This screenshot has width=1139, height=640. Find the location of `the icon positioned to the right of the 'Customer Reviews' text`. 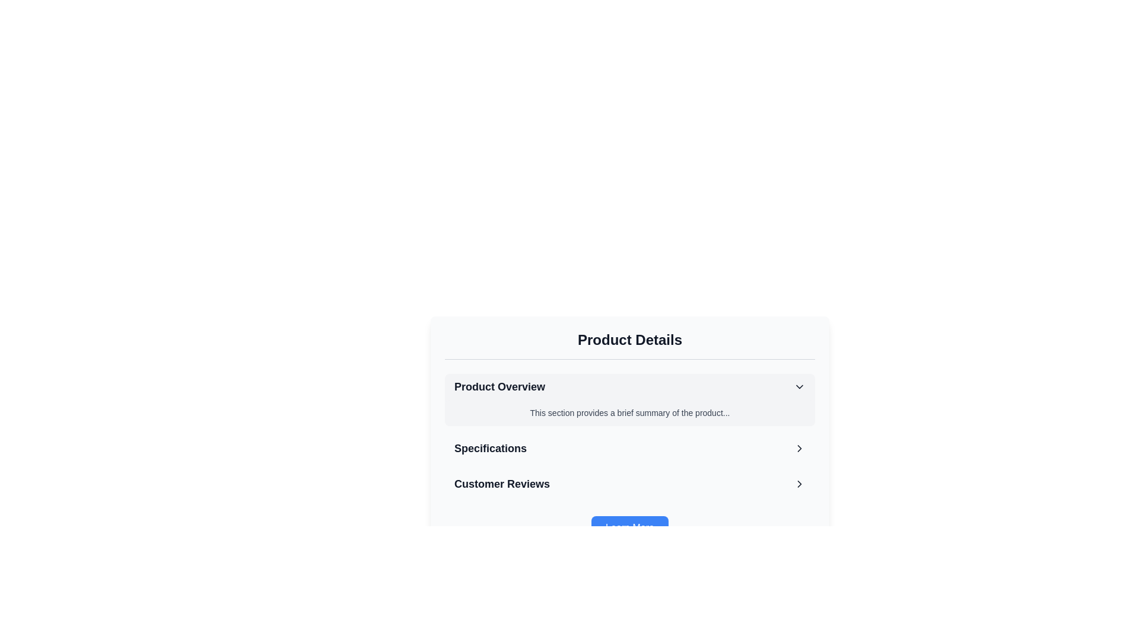

the icon positioned to the right of the 'Customer Reviews' text is located at coordinates (800, 484).